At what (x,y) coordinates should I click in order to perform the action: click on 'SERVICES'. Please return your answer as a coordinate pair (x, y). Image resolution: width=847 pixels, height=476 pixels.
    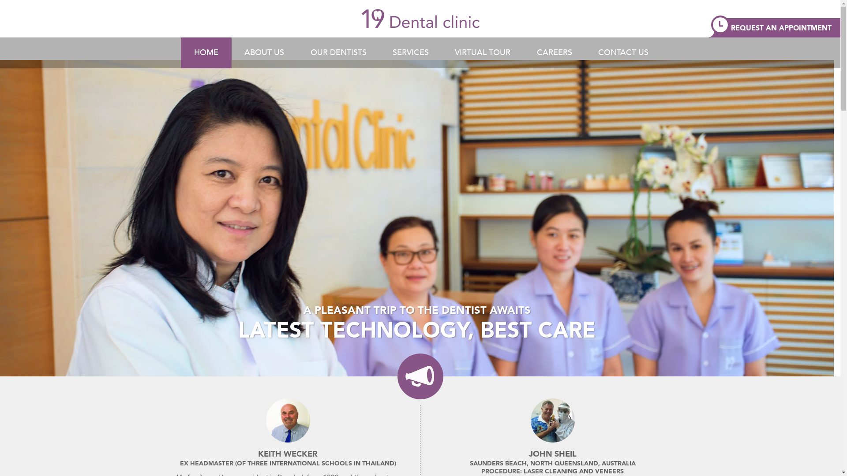
    Looking at the image, I should click on (410, 52).